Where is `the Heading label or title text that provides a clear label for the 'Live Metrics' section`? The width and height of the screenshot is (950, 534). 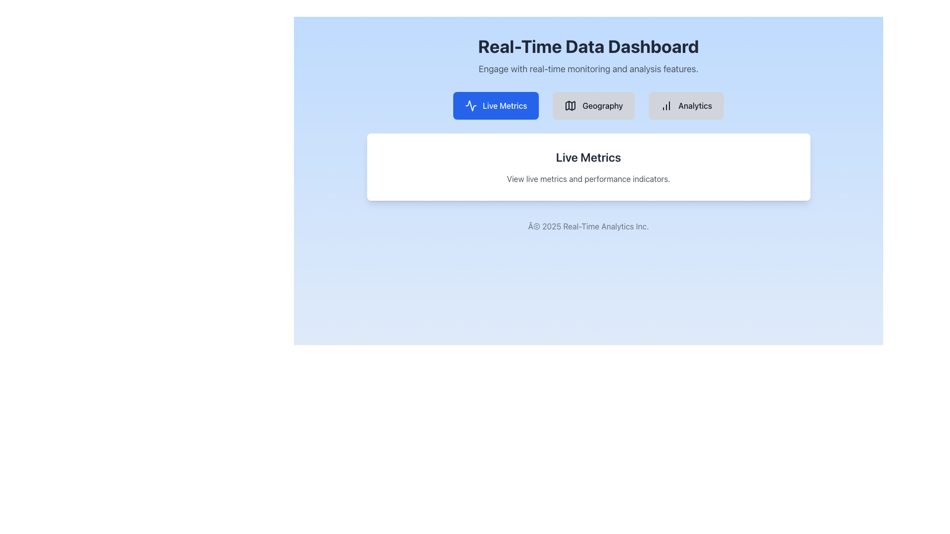
the Heading label or title text that provides a clear label for the 'Live Metrics' section is located at coordinates (588, 156).